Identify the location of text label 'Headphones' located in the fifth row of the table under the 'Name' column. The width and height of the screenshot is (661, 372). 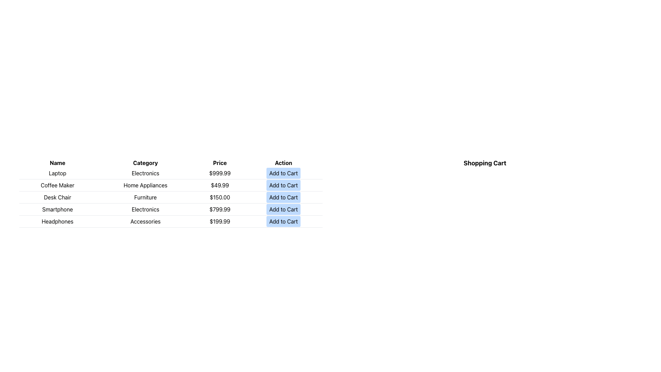
(57, 221).